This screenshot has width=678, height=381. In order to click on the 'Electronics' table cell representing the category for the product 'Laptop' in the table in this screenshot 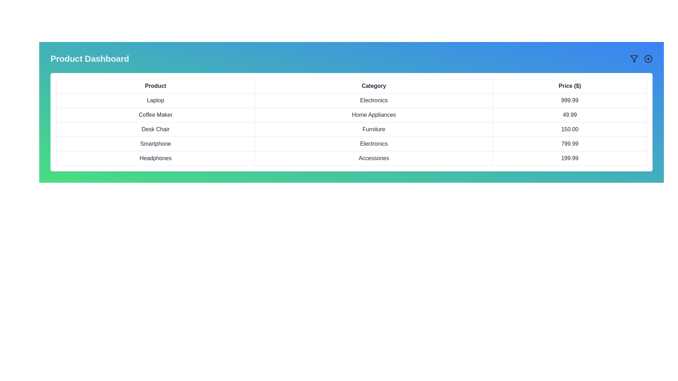, I will do `click(373, 101)`.